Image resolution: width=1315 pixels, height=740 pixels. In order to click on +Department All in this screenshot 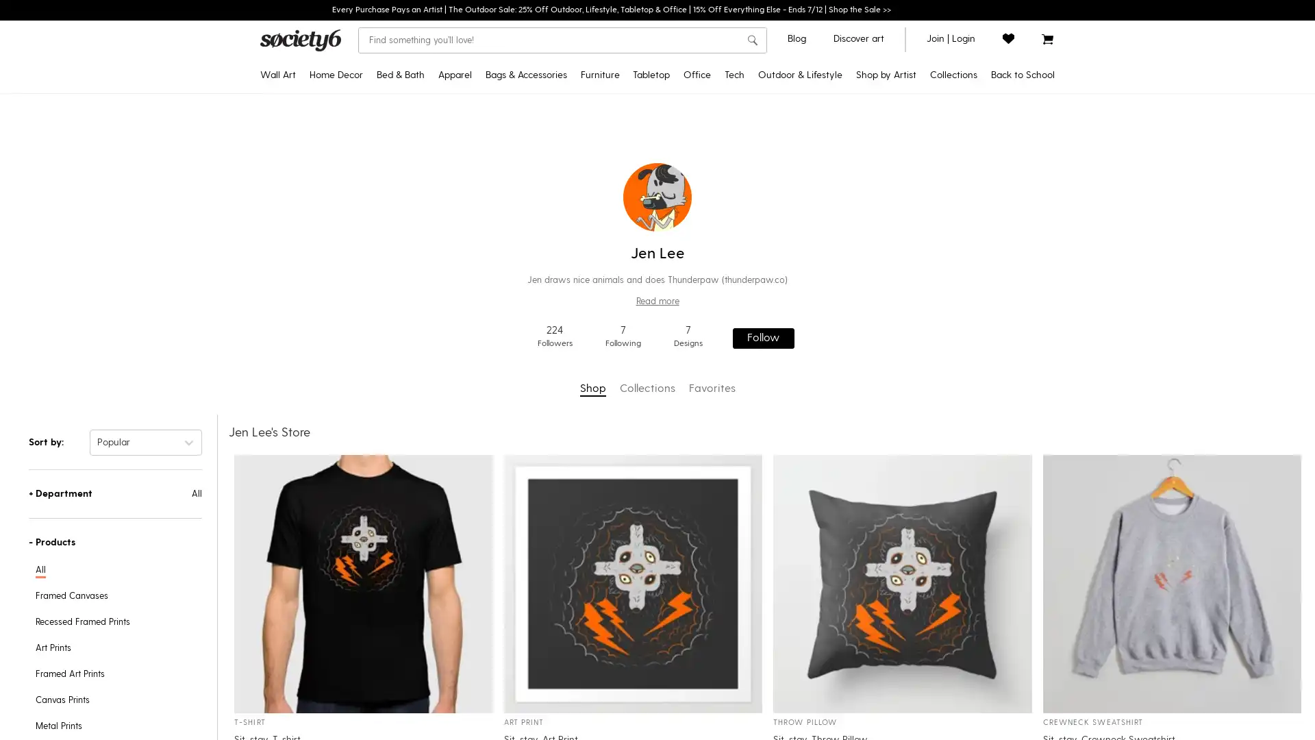, I will do `click(115, 493)`.